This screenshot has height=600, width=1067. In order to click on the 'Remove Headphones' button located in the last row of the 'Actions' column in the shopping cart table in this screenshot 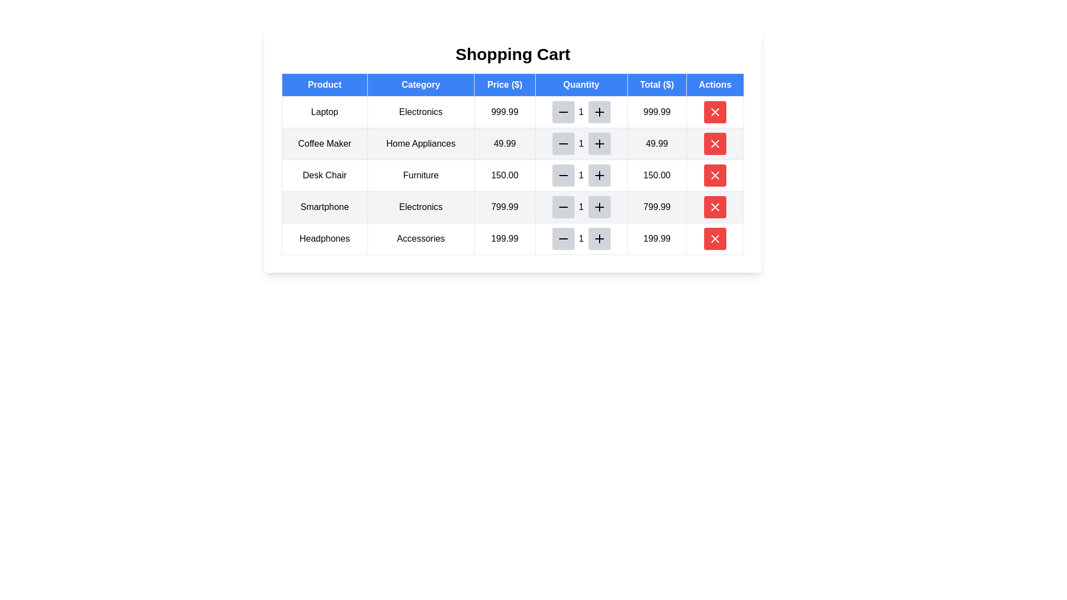, I will do `click(715, 238)`.